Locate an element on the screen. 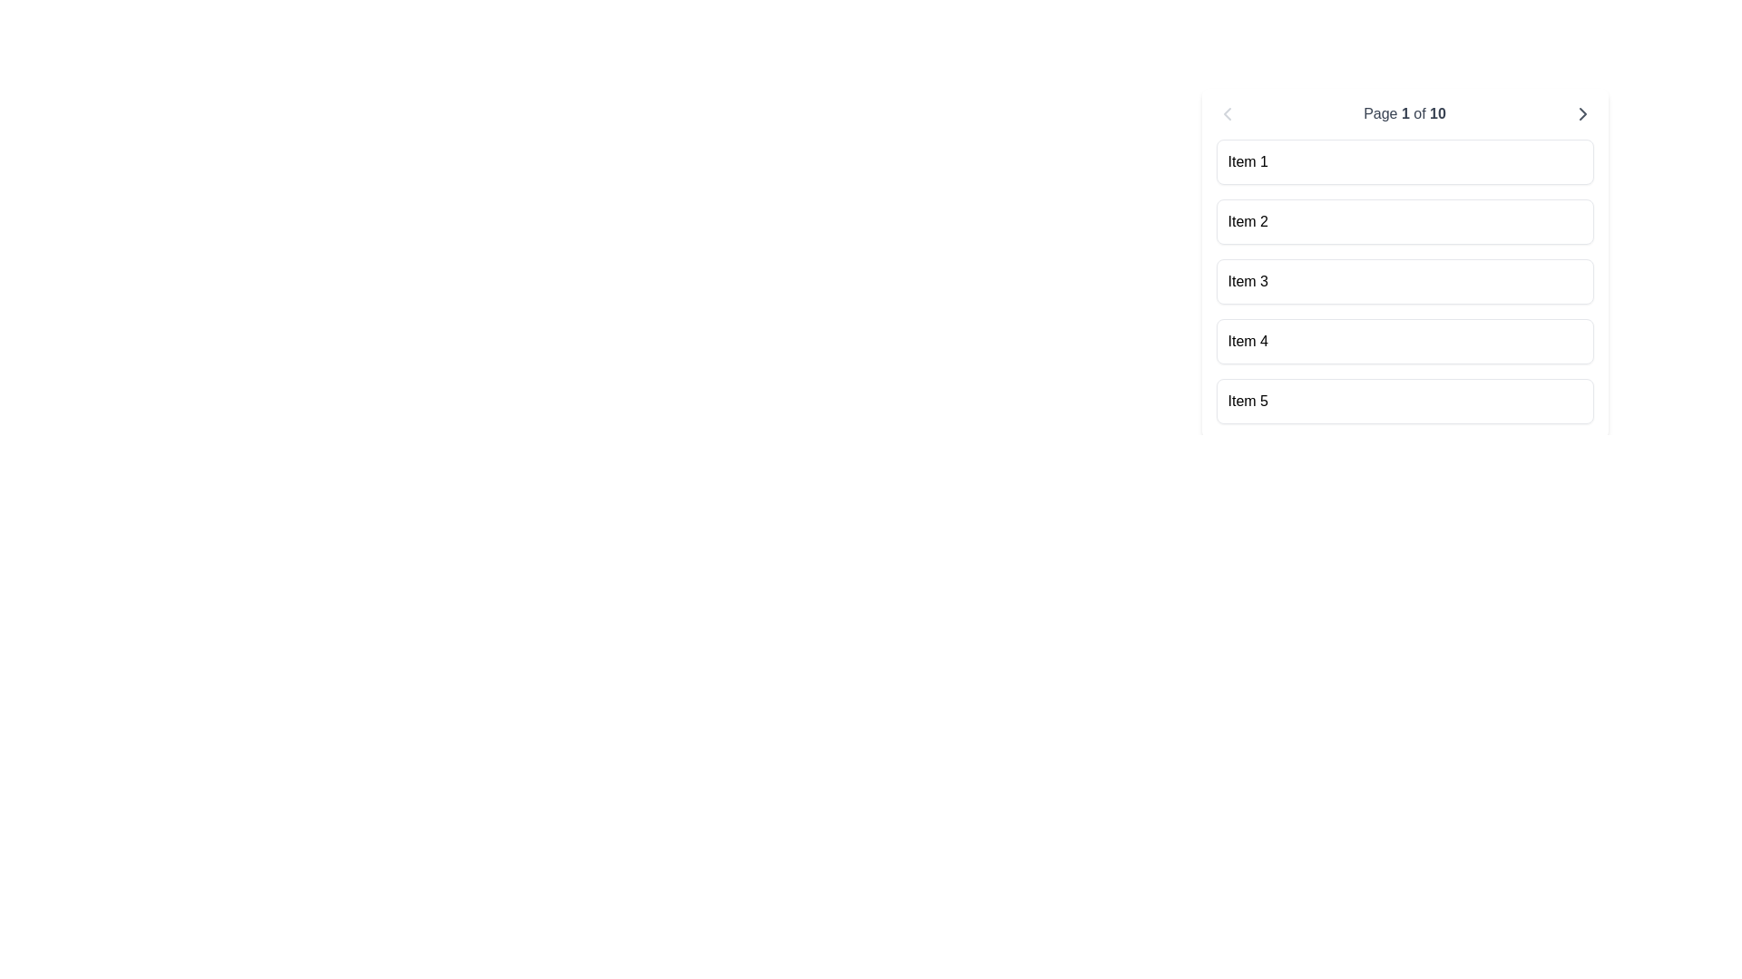 The image size is (1742, 979). the third item in the list of selectable items is located at coordinates (1404, 263).